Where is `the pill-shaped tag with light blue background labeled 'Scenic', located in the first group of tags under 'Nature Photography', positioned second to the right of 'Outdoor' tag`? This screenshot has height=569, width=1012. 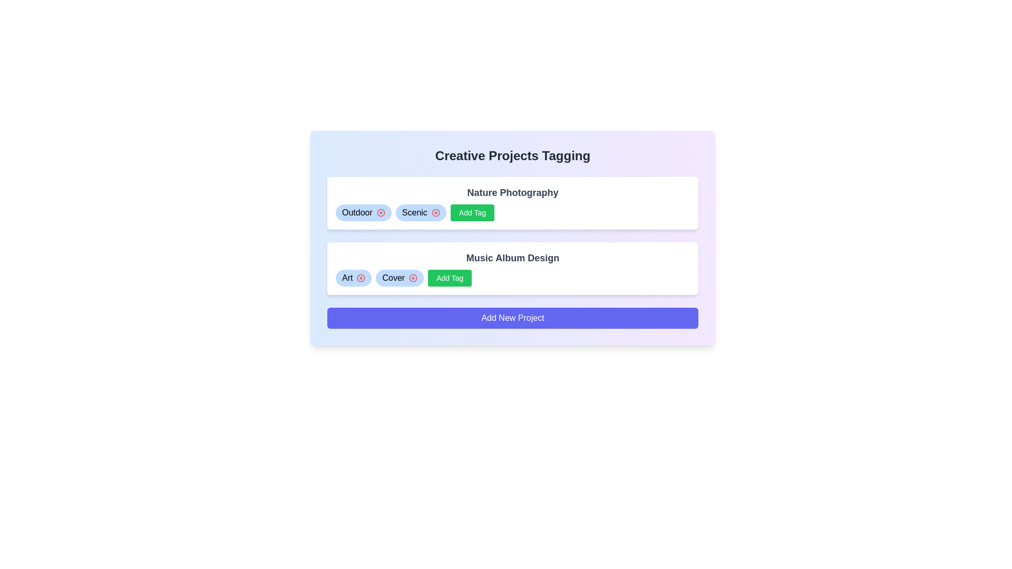 the pill-shaped tag with light blue background labeled 'Scenic', located in the first group of tags under 'Nature Photography', positioned second to the right of 'Outdoor' tag is located at coordinates (420, 213).